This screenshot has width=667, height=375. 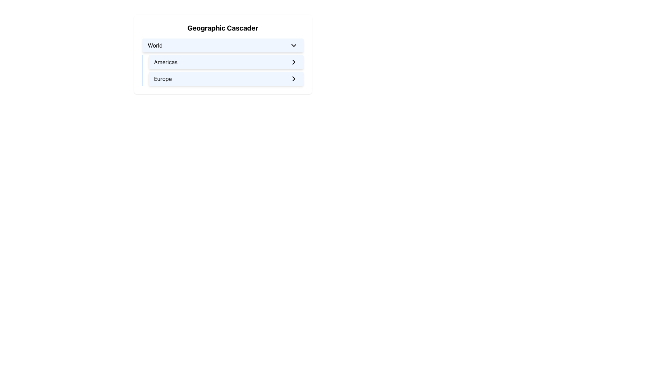 I want to click on the navigation icon associated with the 'Europe' button, so click(x=294, y=78).